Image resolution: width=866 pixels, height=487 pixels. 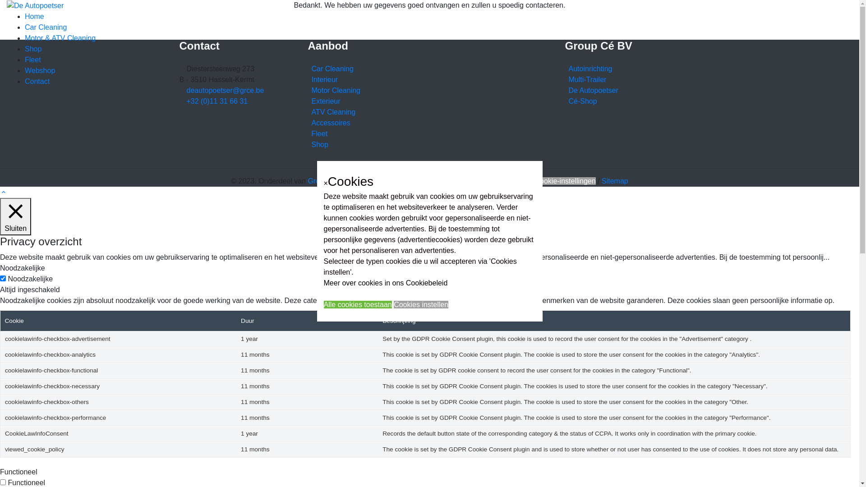 I want to click on 'Motor Cleaning', so click(x=333, y=90).